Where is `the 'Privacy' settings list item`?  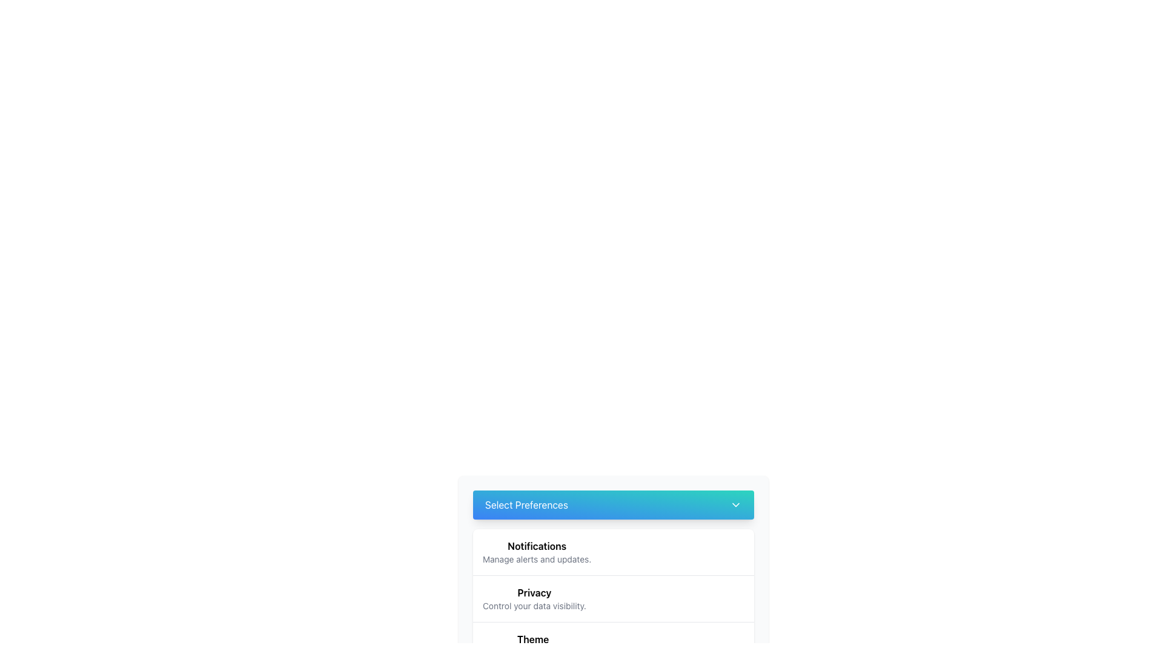 the 'Privacy' settings list item is located at coordinates (534, 598).